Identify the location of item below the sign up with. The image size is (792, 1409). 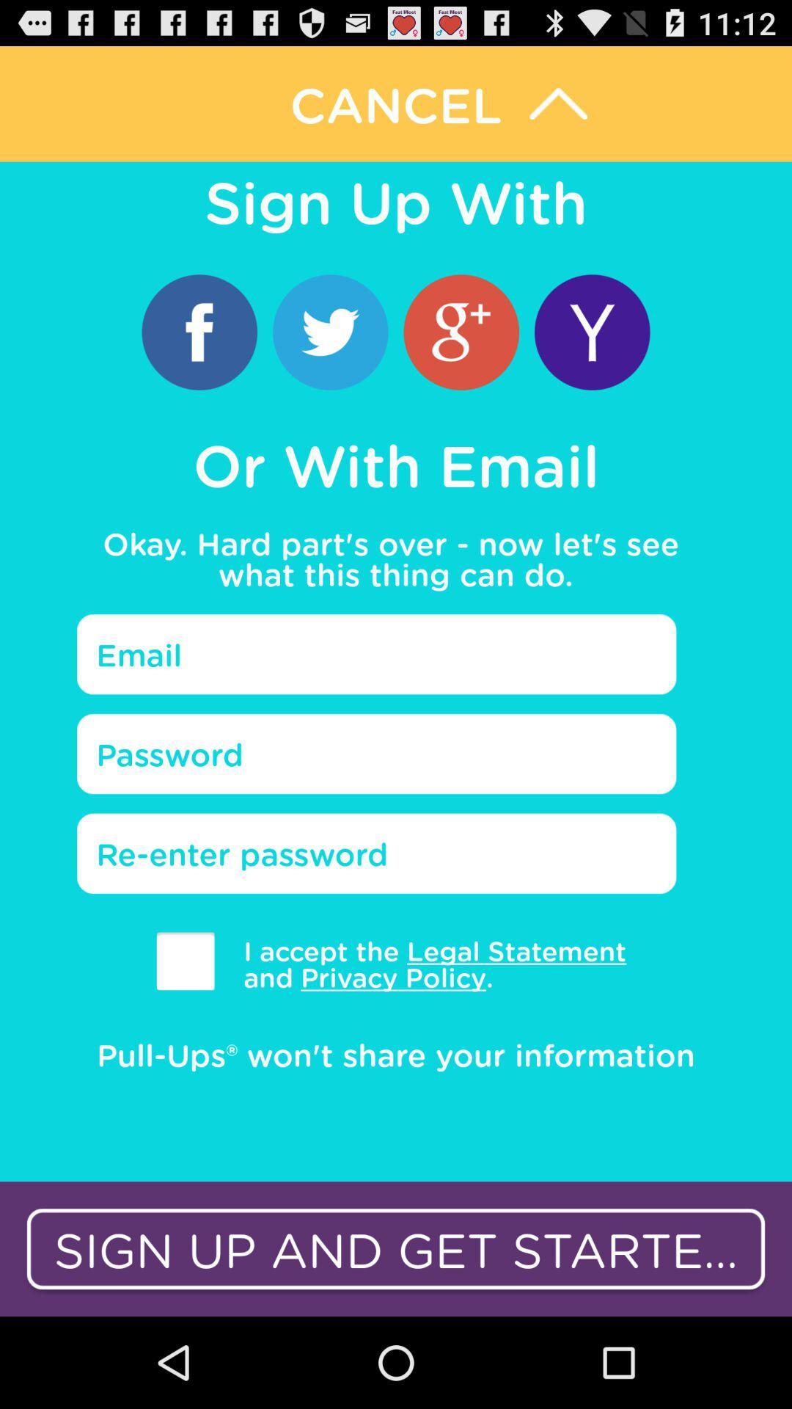
(591, 331).